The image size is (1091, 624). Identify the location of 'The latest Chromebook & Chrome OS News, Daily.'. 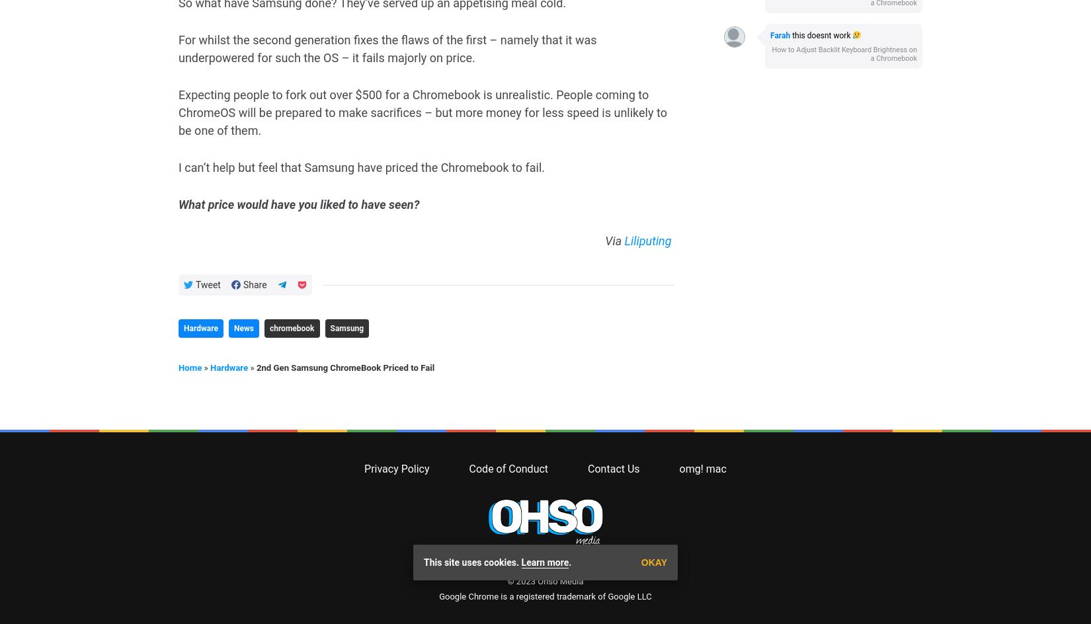
(544, 48).